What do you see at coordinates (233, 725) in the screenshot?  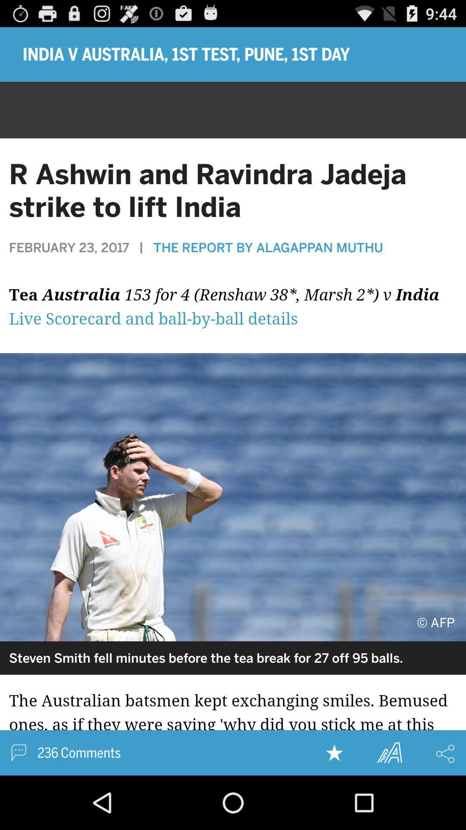 I see `look at comments` at bounding box center [233, 725].